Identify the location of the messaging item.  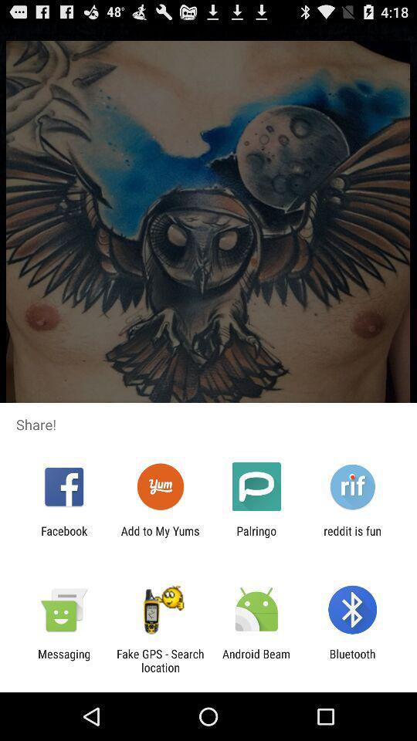
(63, 660).